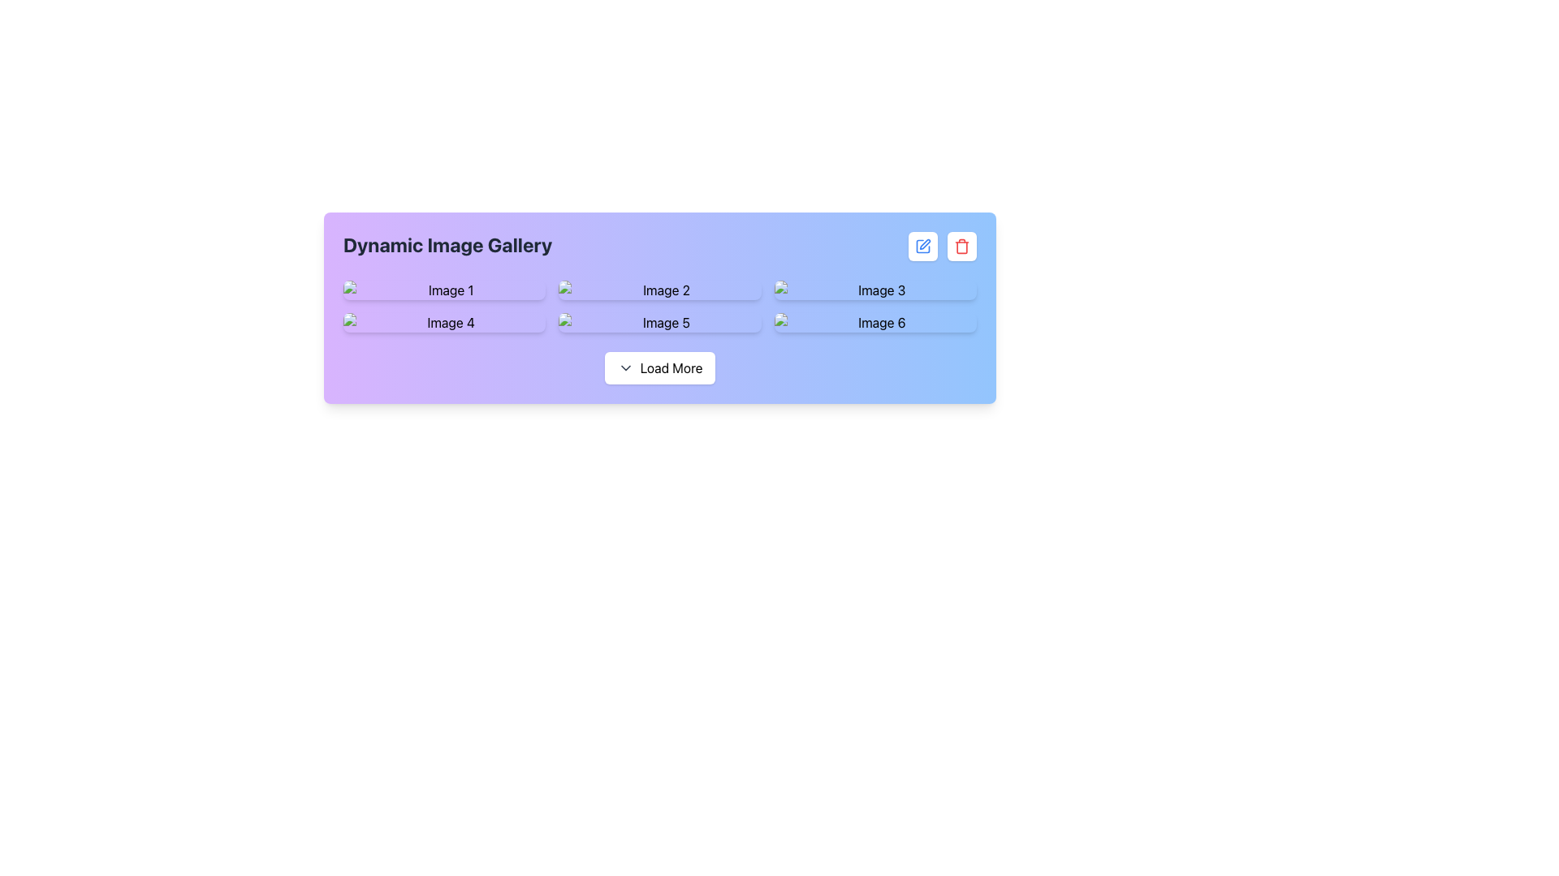 The image size is (1559, 876). Describe the element at coordinates (923, 247) in the screenshot. I see `the square interactive button with a blue pen icon located in the top-right section of the card` at that location.